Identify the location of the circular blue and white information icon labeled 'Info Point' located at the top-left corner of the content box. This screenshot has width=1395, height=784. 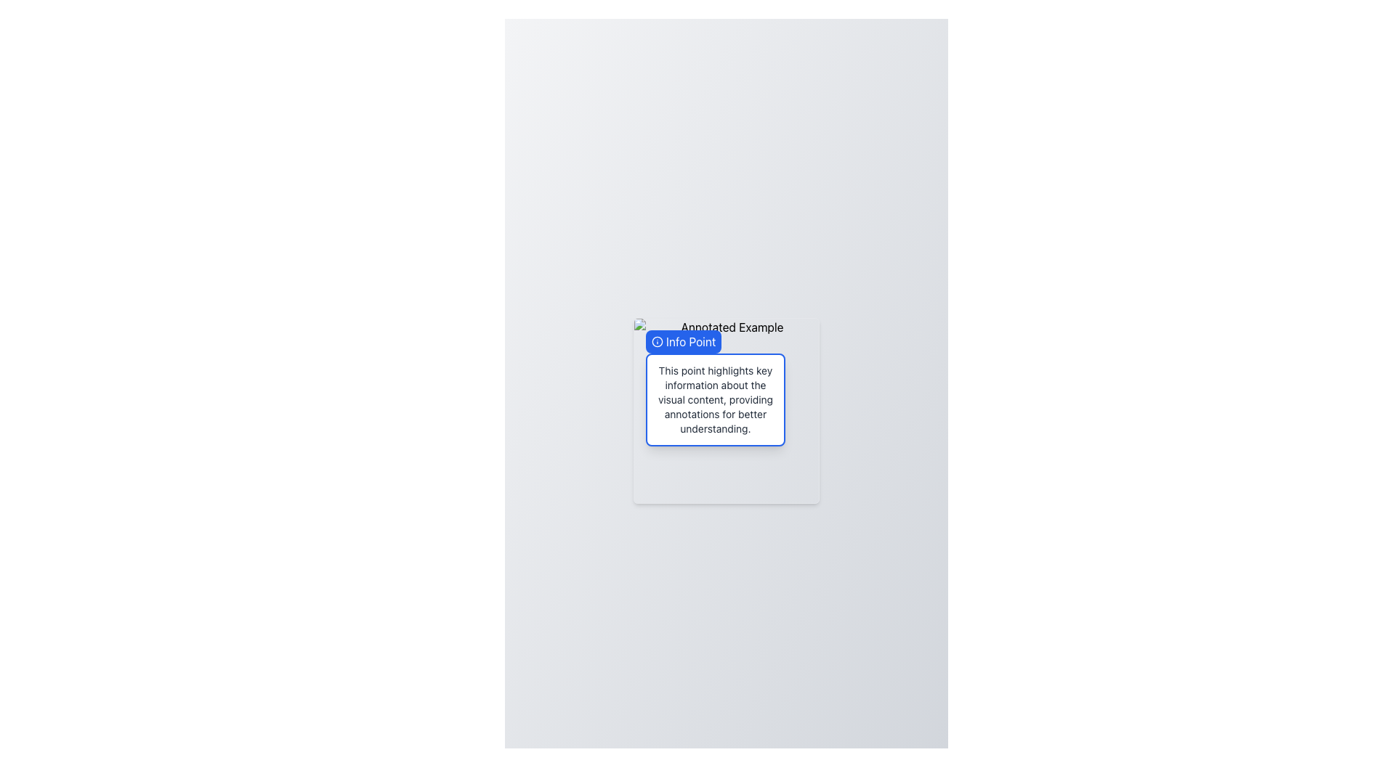
(657, 341).